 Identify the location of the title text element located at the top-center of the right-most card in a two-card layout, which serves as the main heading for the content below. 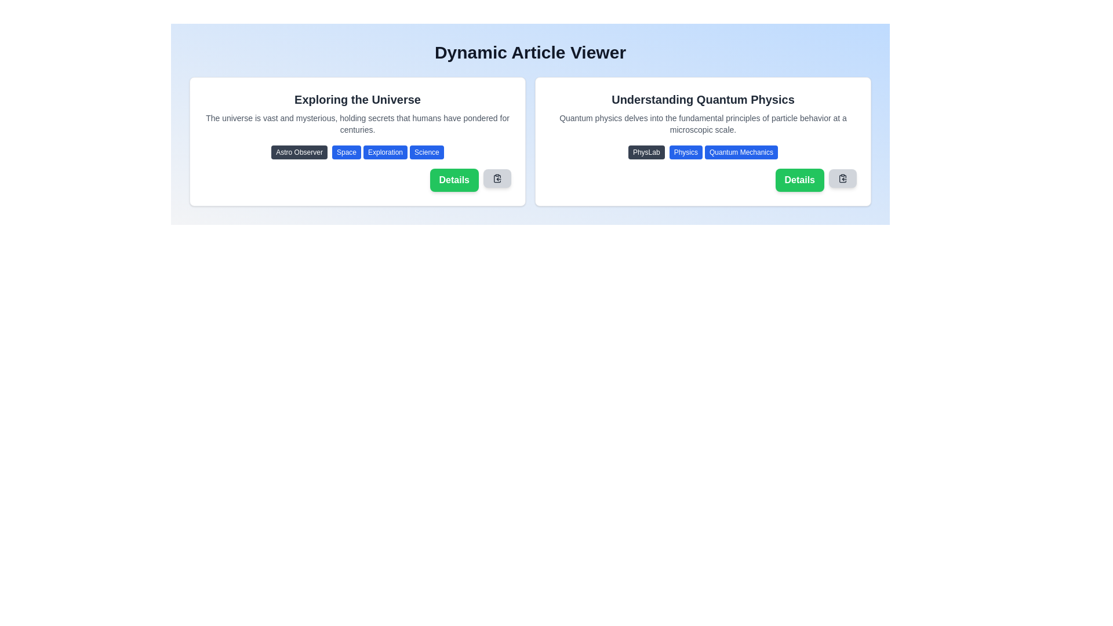
(703, 99).